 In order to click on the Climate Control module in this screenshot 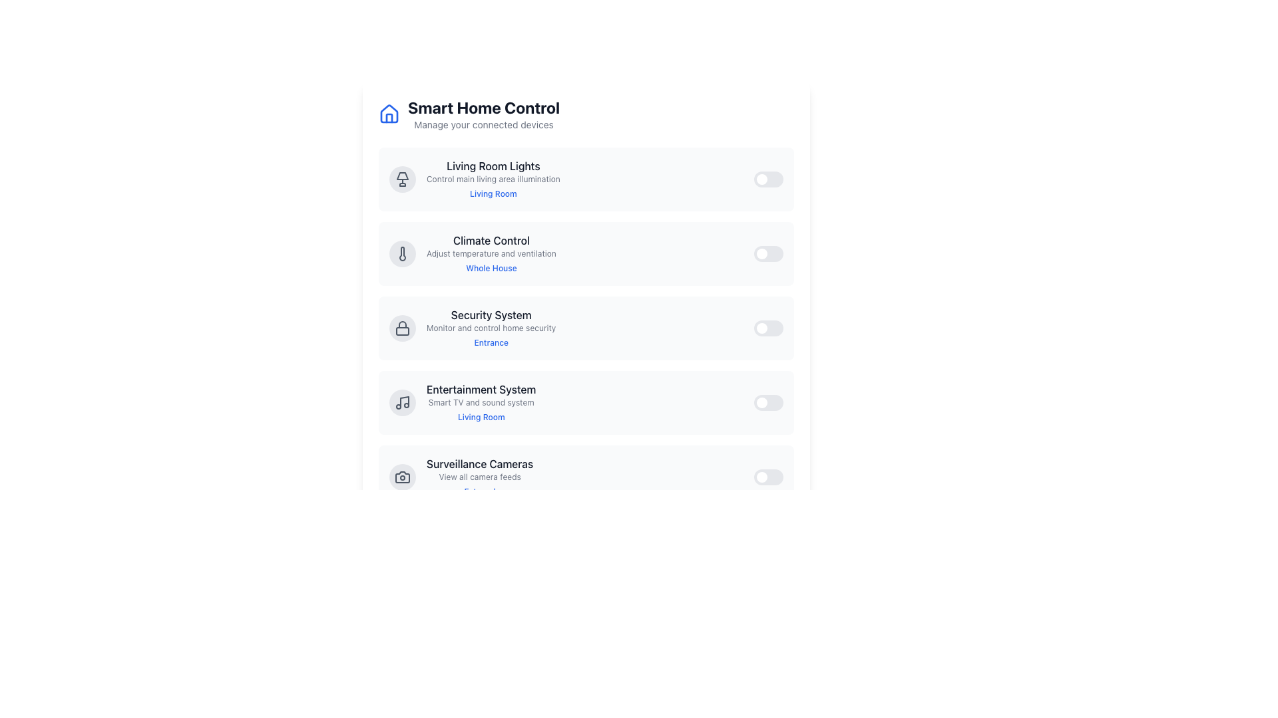, I will do `click(491, 253)`.